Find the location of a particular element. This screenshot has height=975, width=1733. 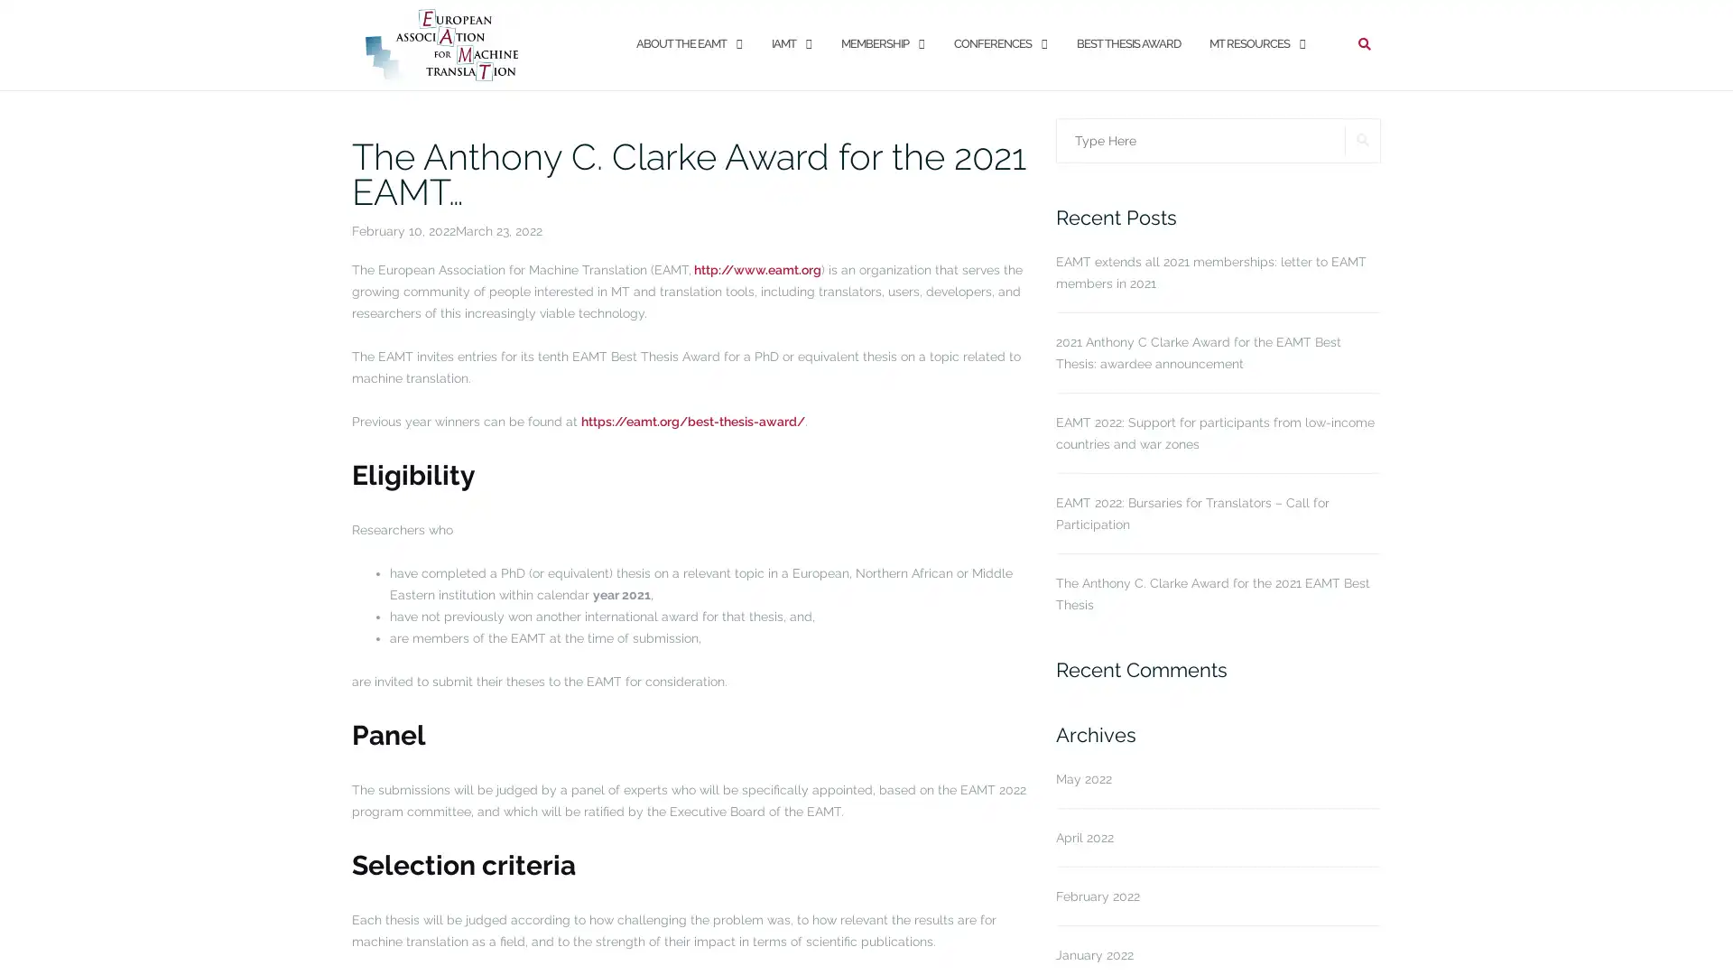

SEARCH is located at coordinates (1363, 138).